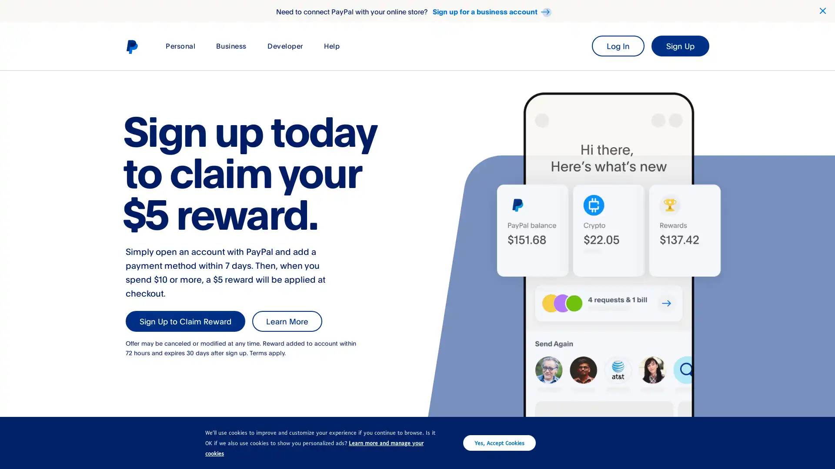 Image resolution: width=835 pixels, height=469 pixels. I want to click on Sign Up, so click(680, 46).